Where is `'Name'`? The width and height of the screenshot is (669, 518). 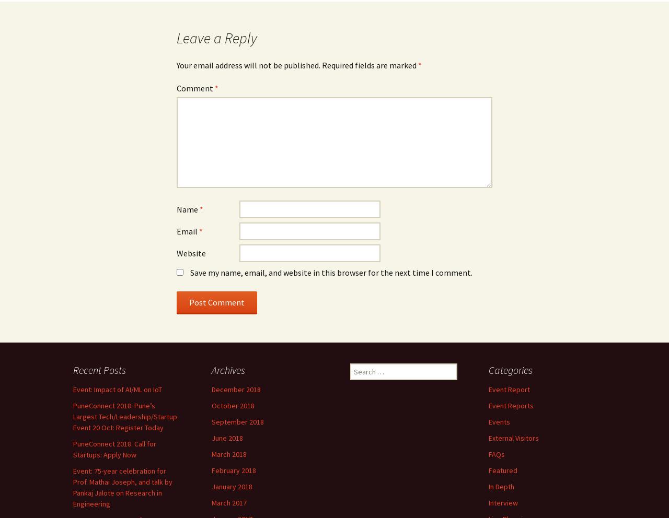 'Name' is located at coordinates (188, 209).